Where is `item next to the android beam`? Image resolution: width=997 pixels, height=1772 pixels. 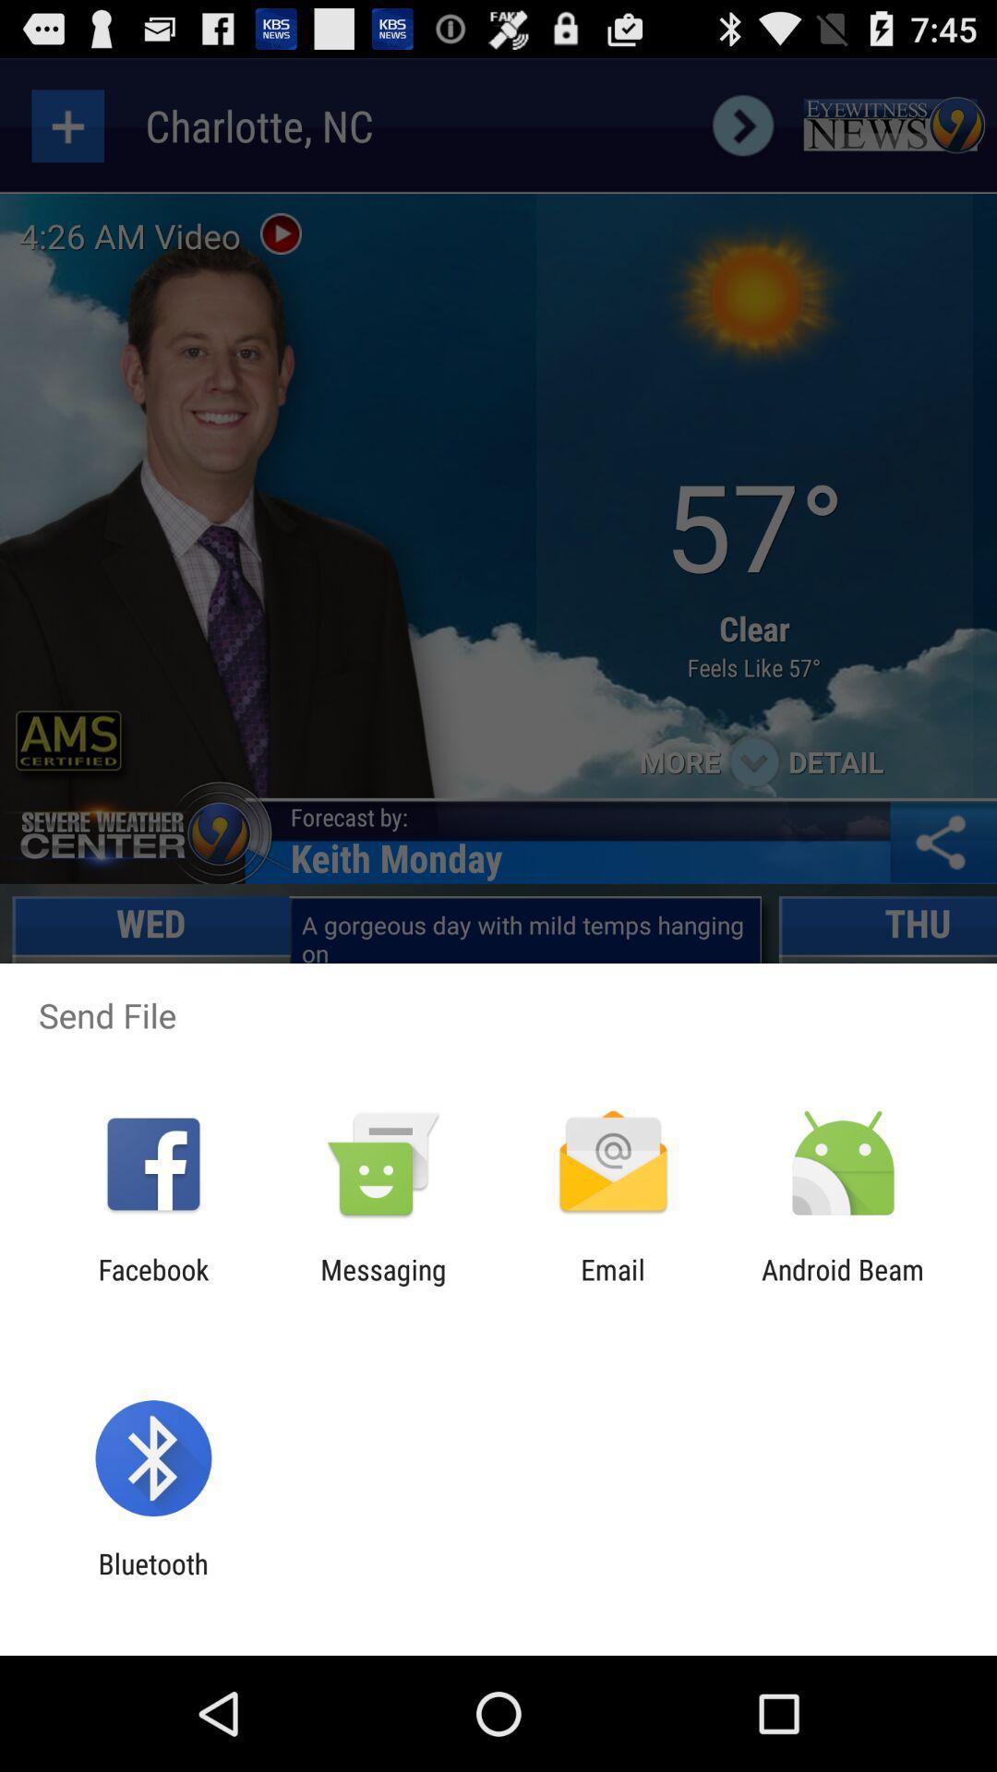
item next to the android beam is located at coordinates (613, 1285).